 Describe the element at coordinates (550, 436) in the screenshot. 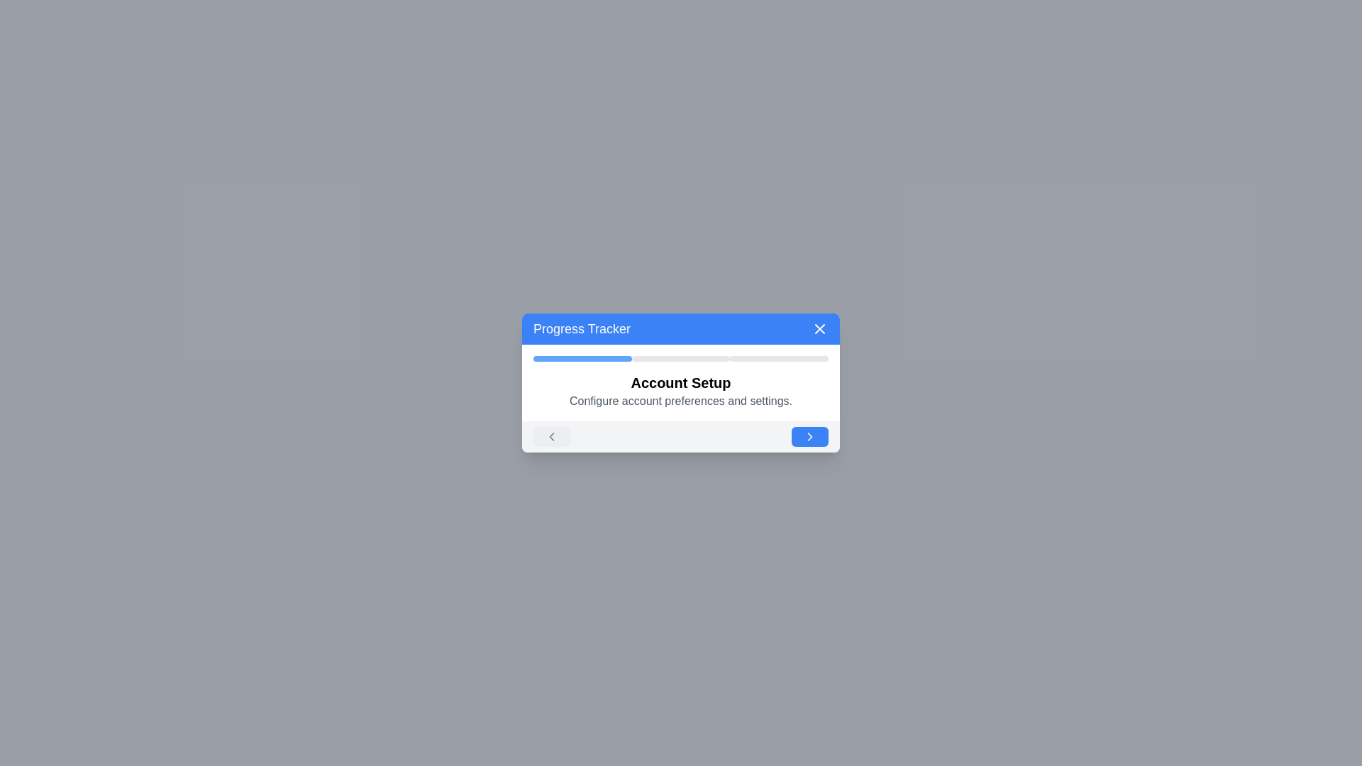

I see `the navigational button in the bottom-left corner of the 'Progress Tracker' card` at that location.